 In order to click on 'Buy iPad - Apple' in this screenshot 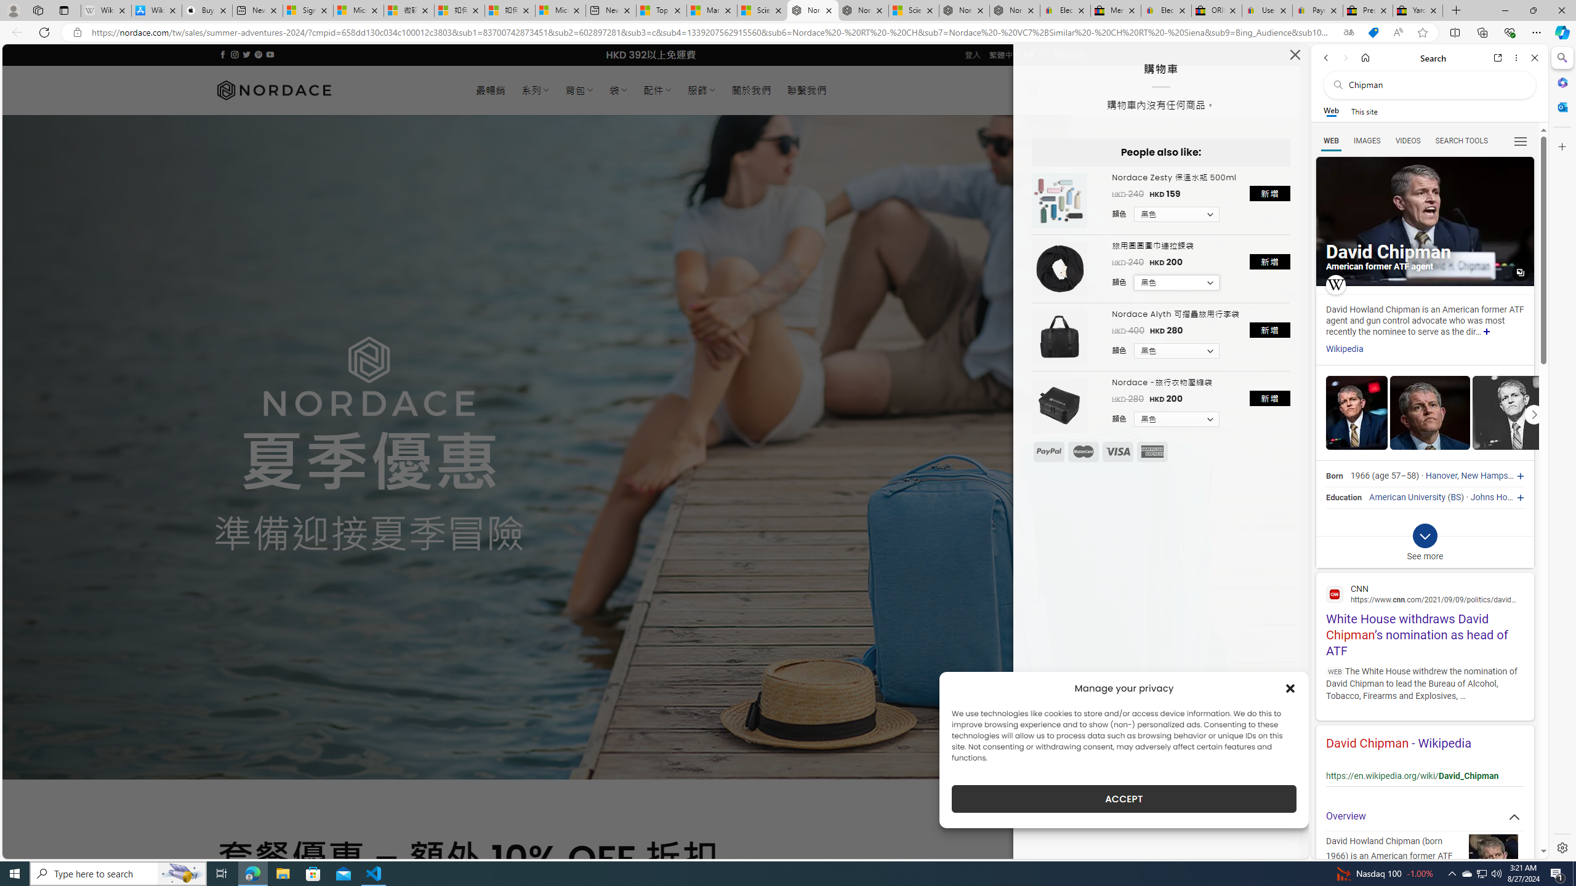, I will do `click(206, 10)`.